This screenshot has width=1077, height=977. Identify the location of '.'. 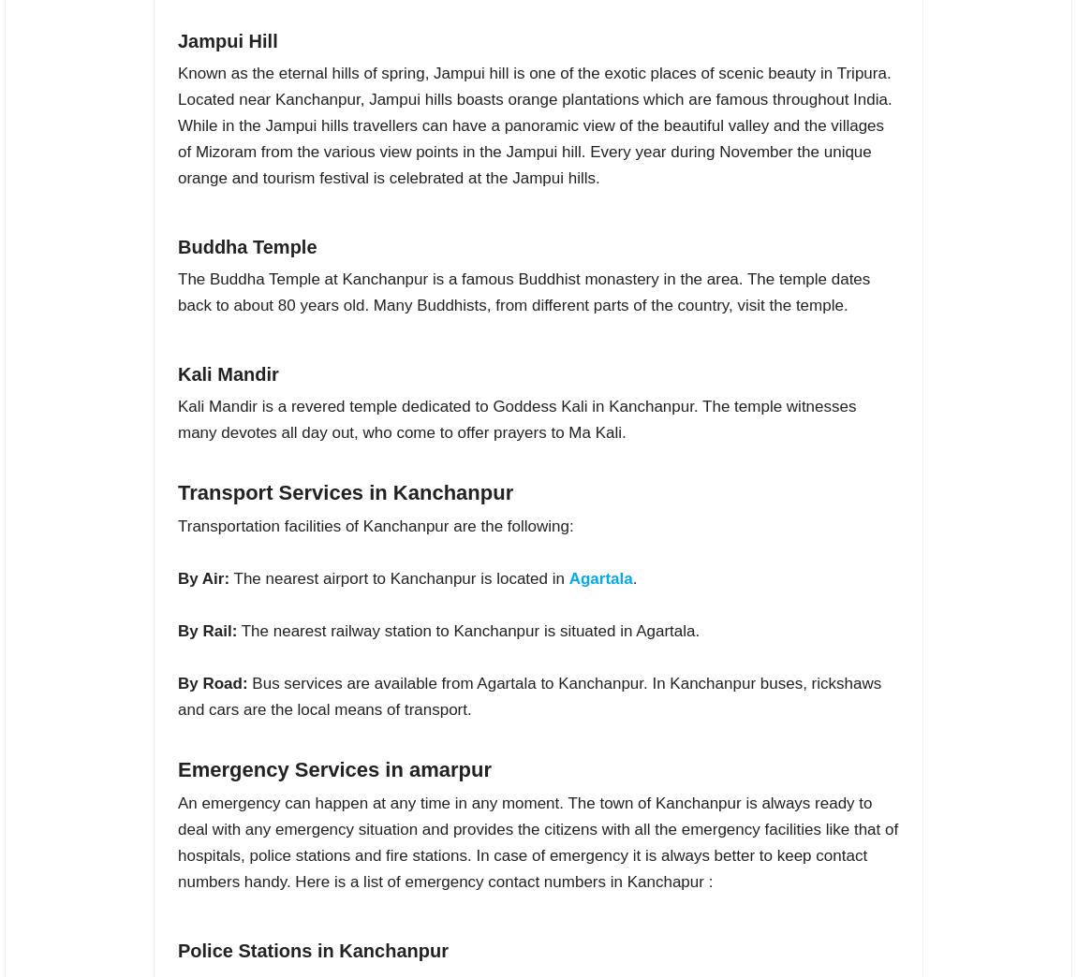
(633, 577).